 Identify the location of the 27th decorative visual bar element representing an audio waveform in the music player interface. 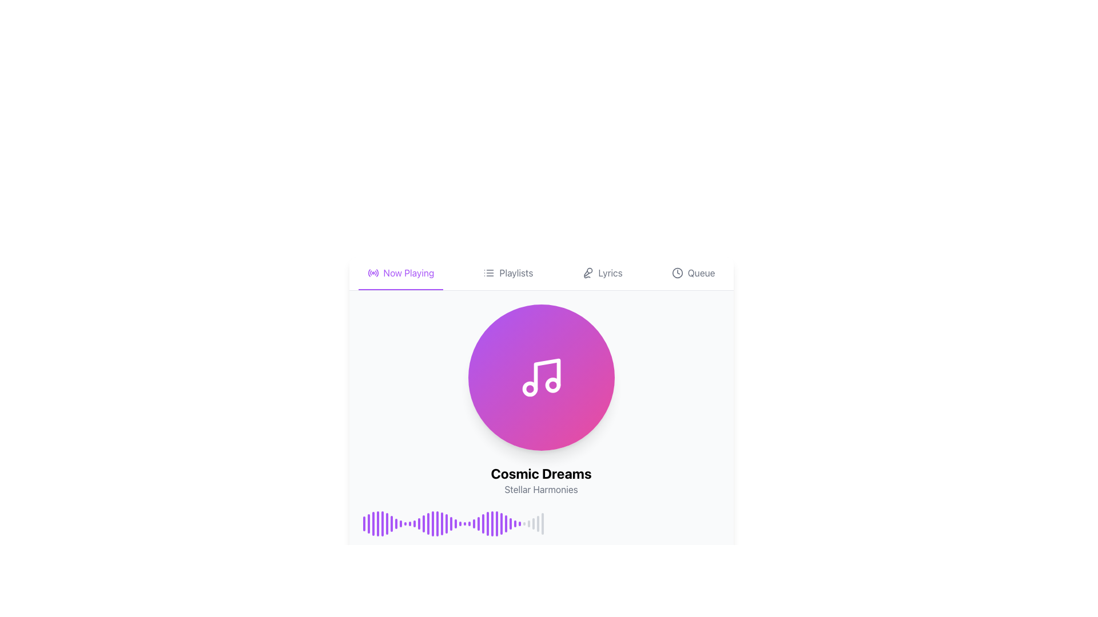
(483, 524).